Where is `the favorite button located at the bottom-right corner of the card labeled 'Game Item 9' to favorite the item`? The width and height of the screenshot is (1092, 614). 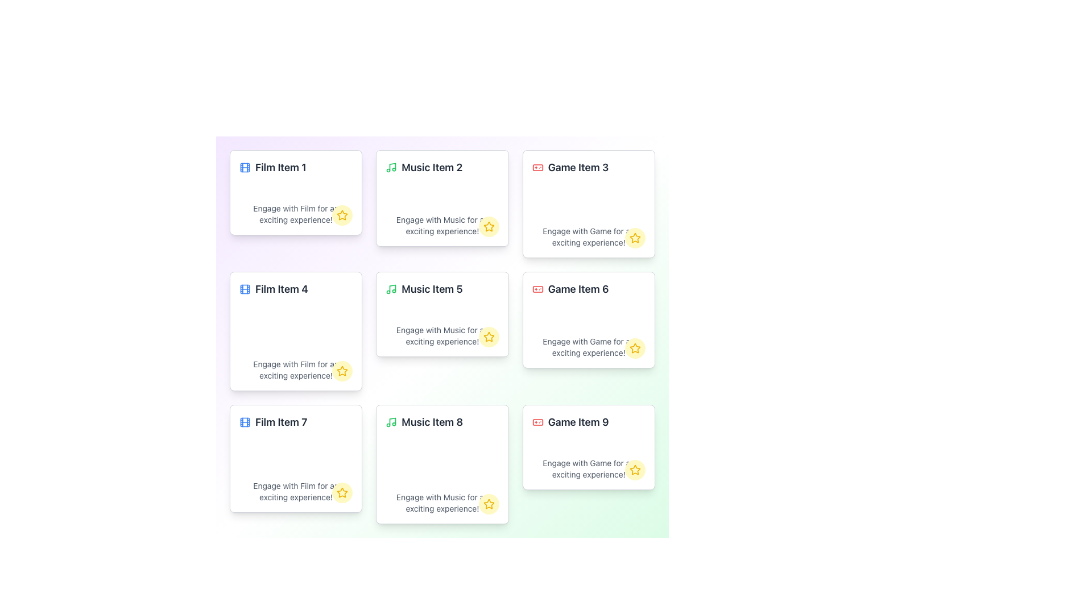
the favorite button located at the bottom-right corner of the card labeled 'Game Item 9' to favorite the item is located at coordinates (635, 470).